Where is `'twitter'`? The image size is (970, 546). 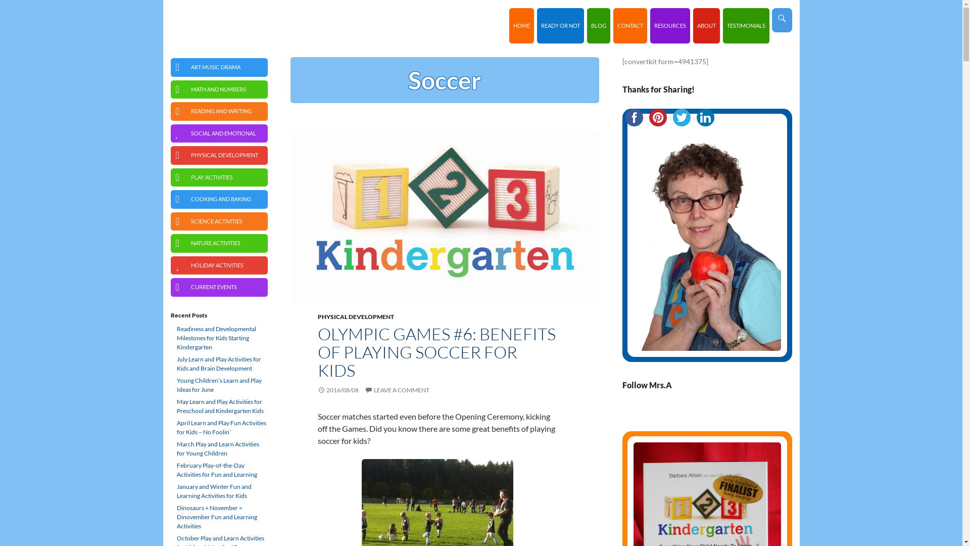 'twitter' is located at coordinates (682, 117).